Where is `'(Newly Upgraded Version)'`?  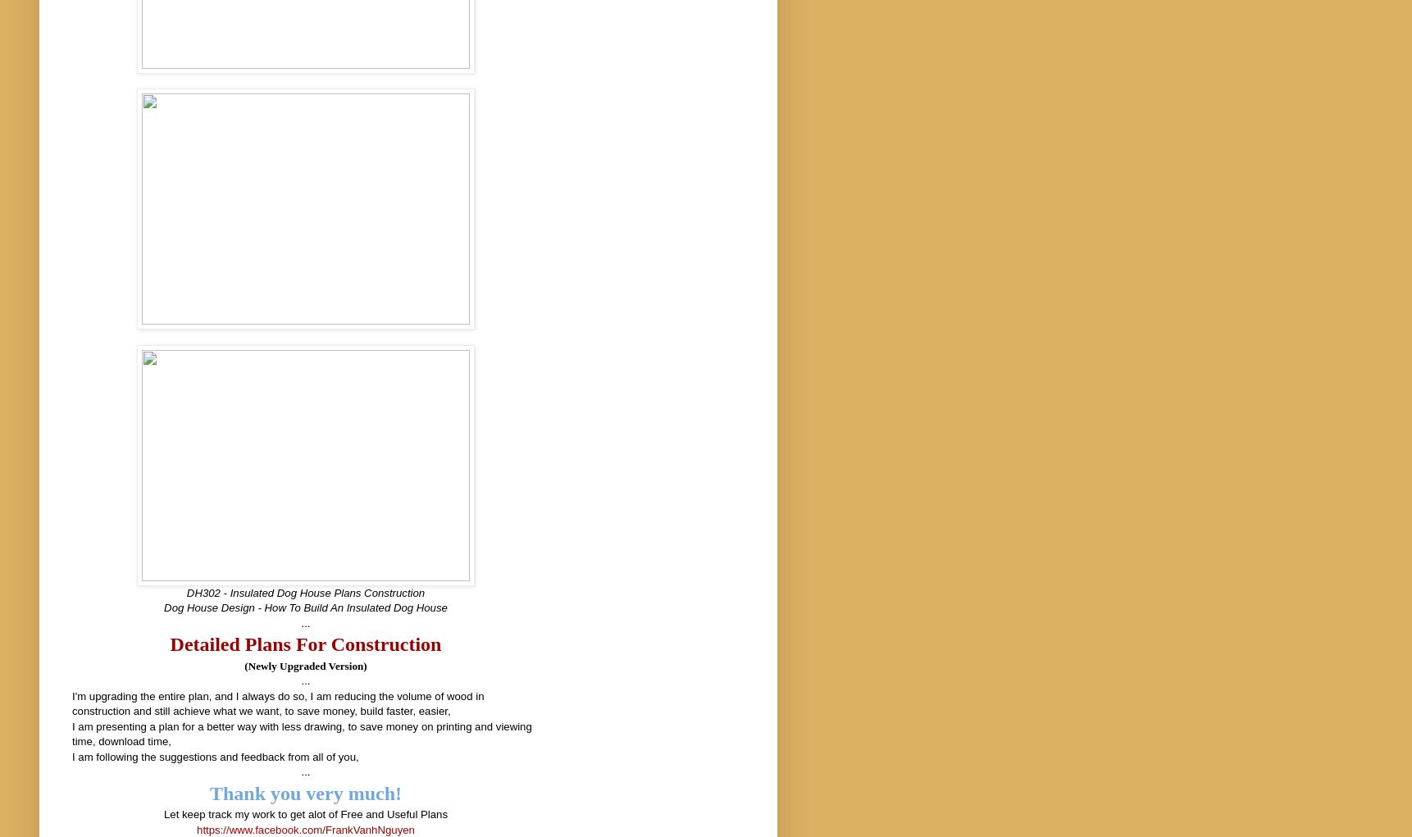 '(Newly Upgraded Version)' is located at coordinates (305, 664).